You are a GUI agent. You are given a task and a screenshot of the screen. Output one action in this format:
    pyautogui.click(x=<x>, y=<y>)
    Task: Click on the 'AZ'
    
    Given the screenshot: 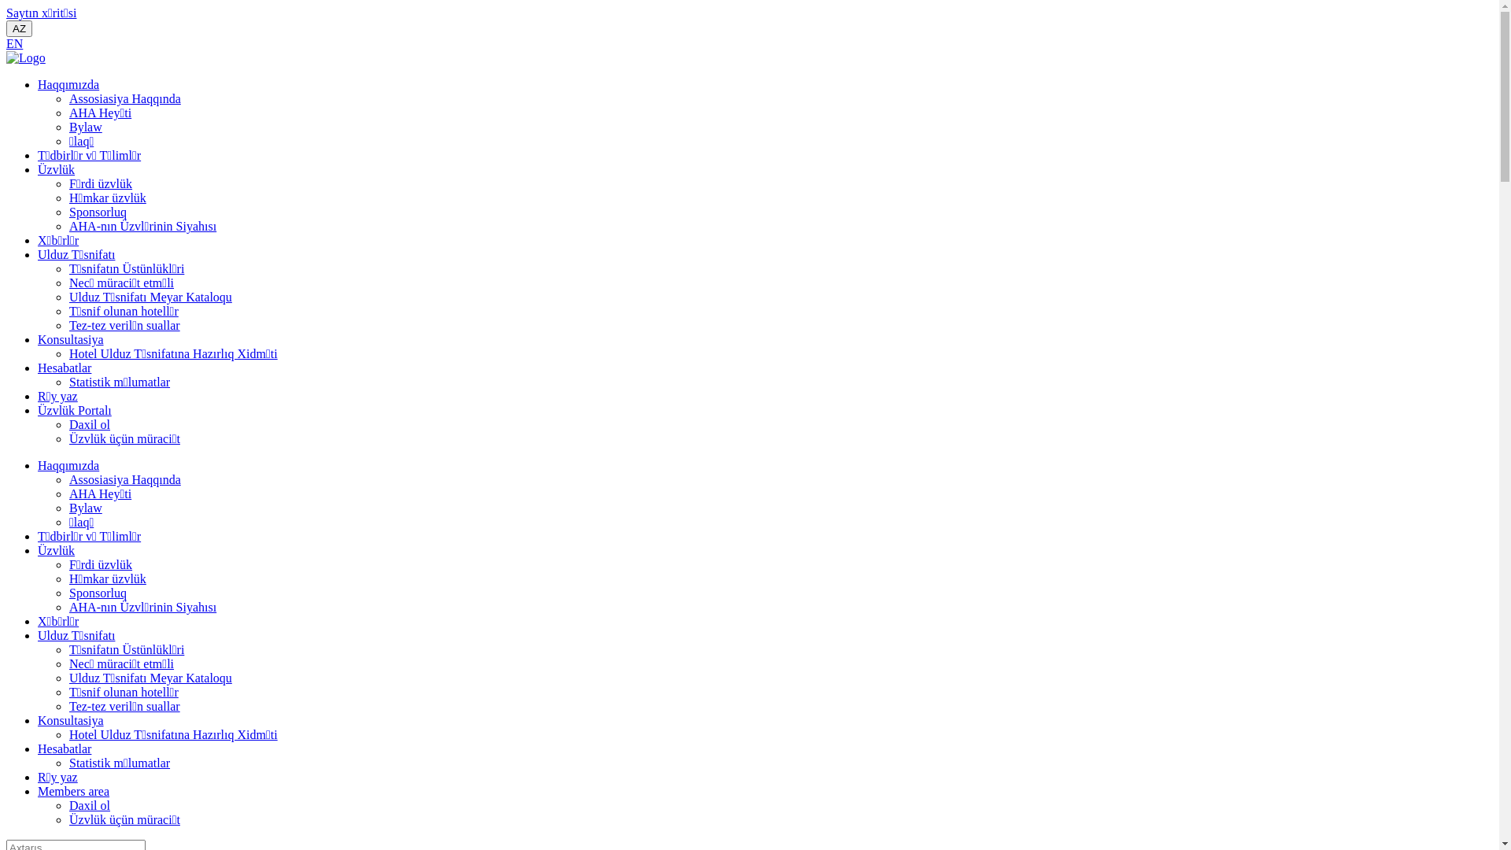 What is the action you would take?
    pyautogui.click(x=19, y=28)
    